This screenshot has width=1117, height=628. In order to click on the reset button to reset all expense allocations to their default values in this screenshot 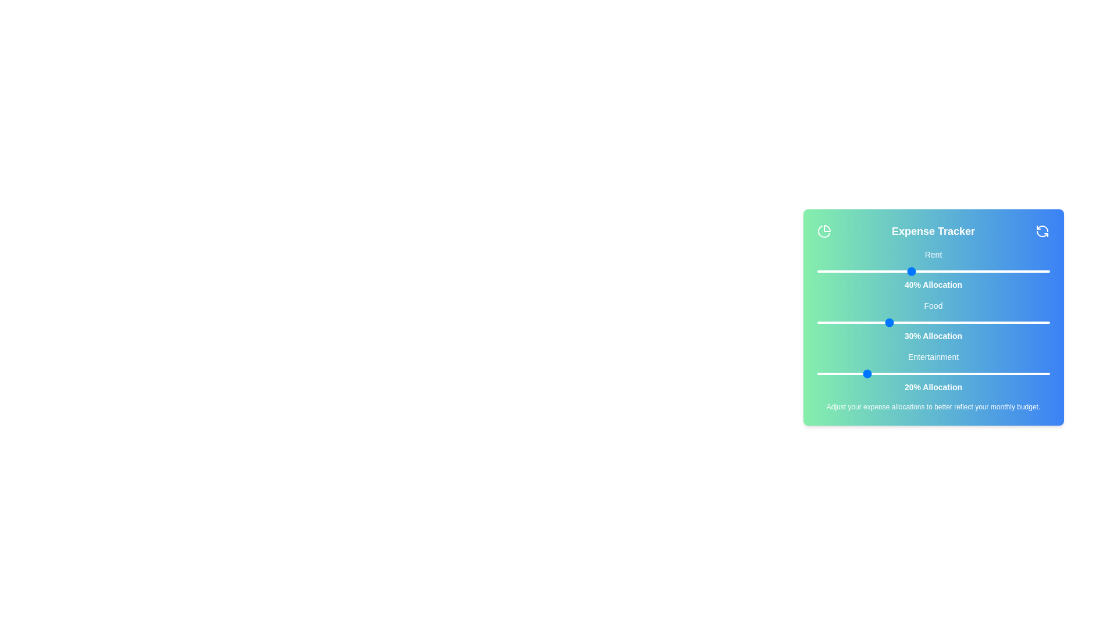, I will do `click(1042, 231)`.